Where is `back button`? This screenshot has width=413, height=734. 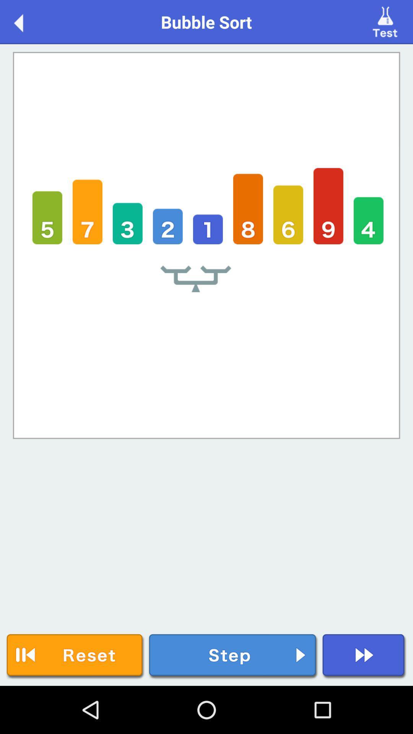 back button is located at coordinates (26, 21).